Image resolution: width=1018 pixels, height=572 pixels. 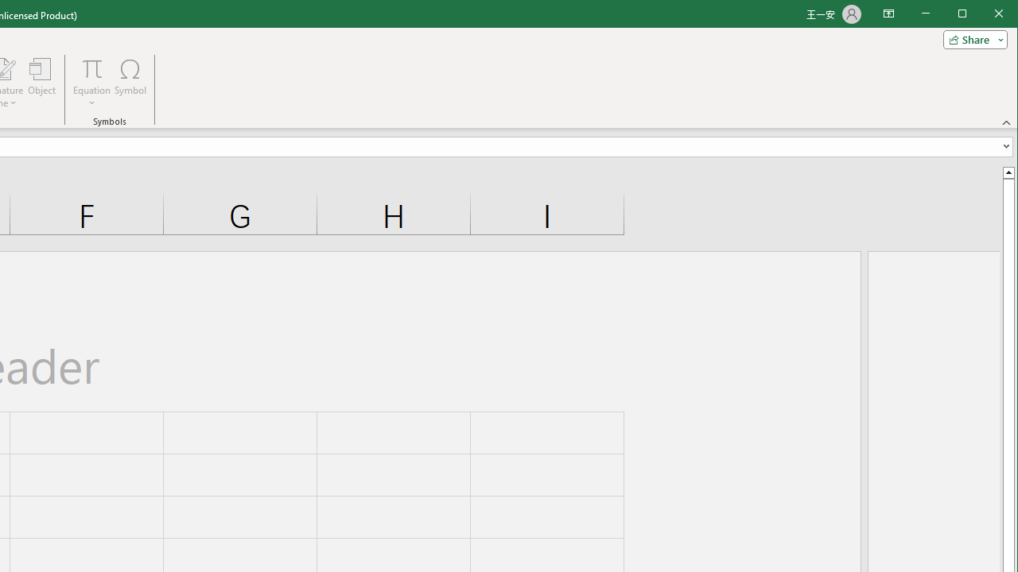 What do you see at coordinates (42, 83) in the screenshot?
I see `'Object...'` at bounding box center [42, 83].